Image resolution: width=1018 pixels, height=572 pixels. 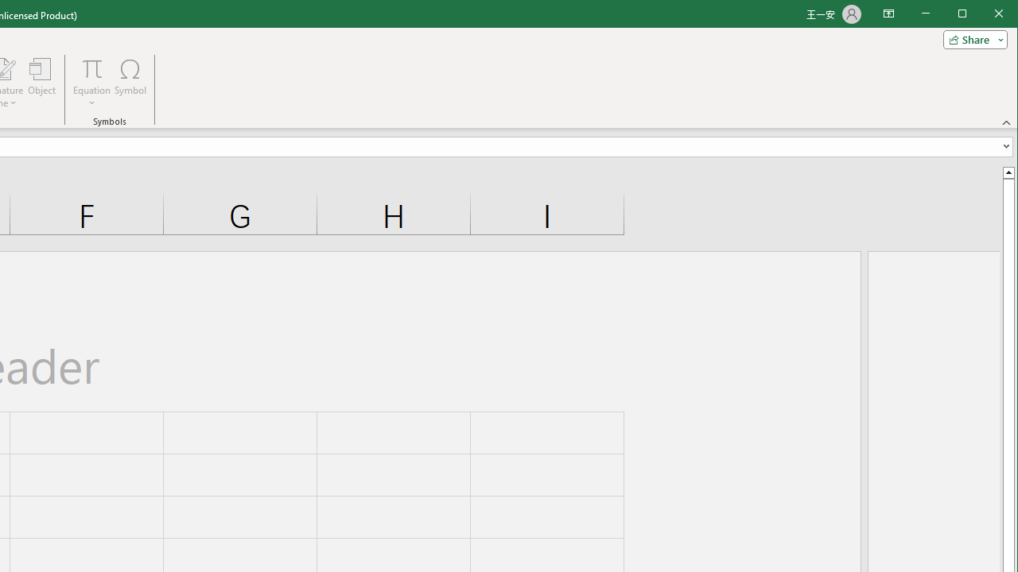 What do you see at coordinates (42, 83) in the screenshot?
I see `'Object...'` at bounding box center [42, 83].